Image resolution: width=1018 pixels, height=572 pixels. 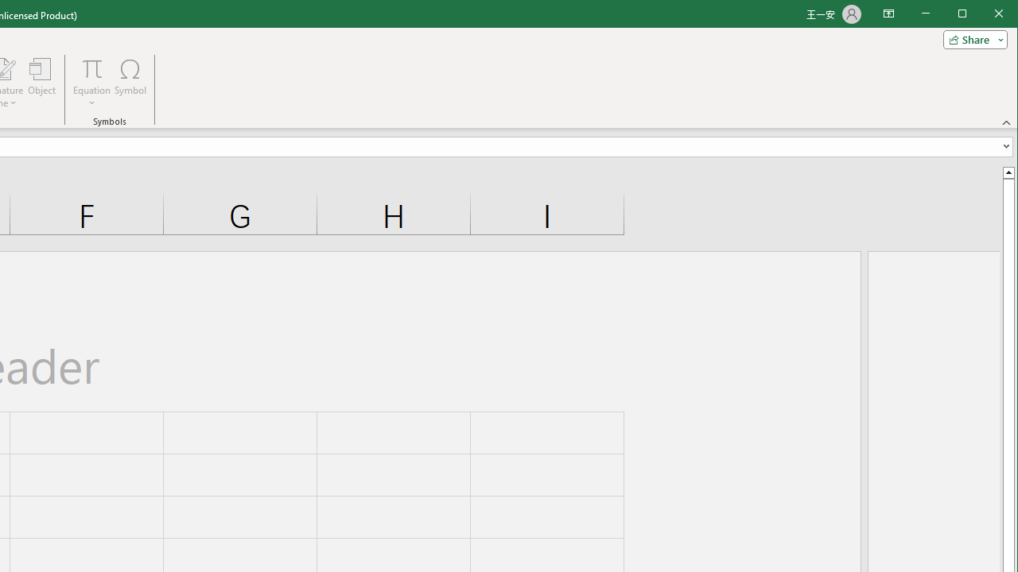 What do you see at coordinates (42, 83) in the screenshot?
I see `'Object...'` at bounding box center [42, 83].